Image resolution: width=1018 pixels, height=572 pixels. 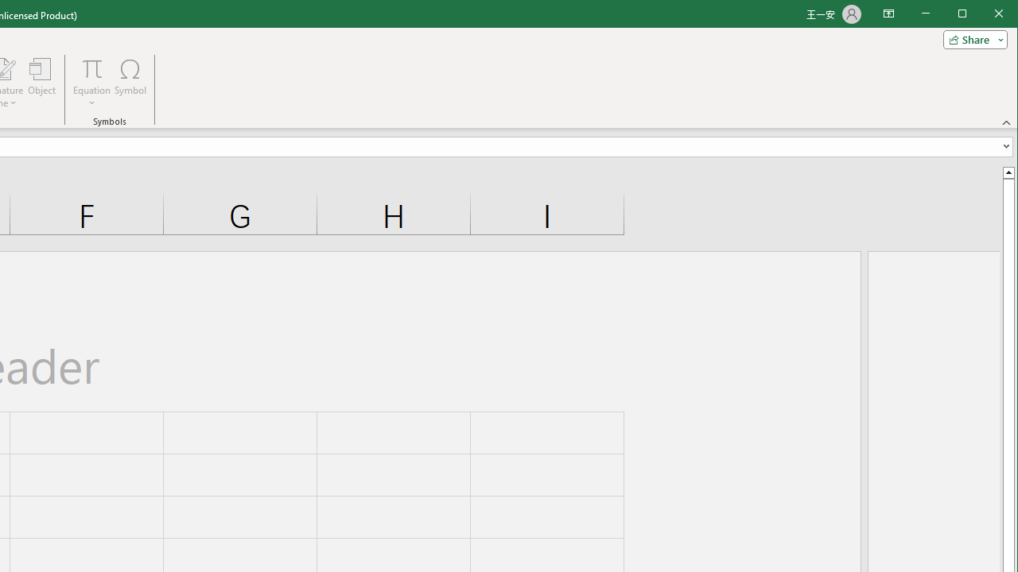 What do you see at coordinates (42, 83) in the screenshot?
I see `'Object...'` at bounding box center [42, 83].